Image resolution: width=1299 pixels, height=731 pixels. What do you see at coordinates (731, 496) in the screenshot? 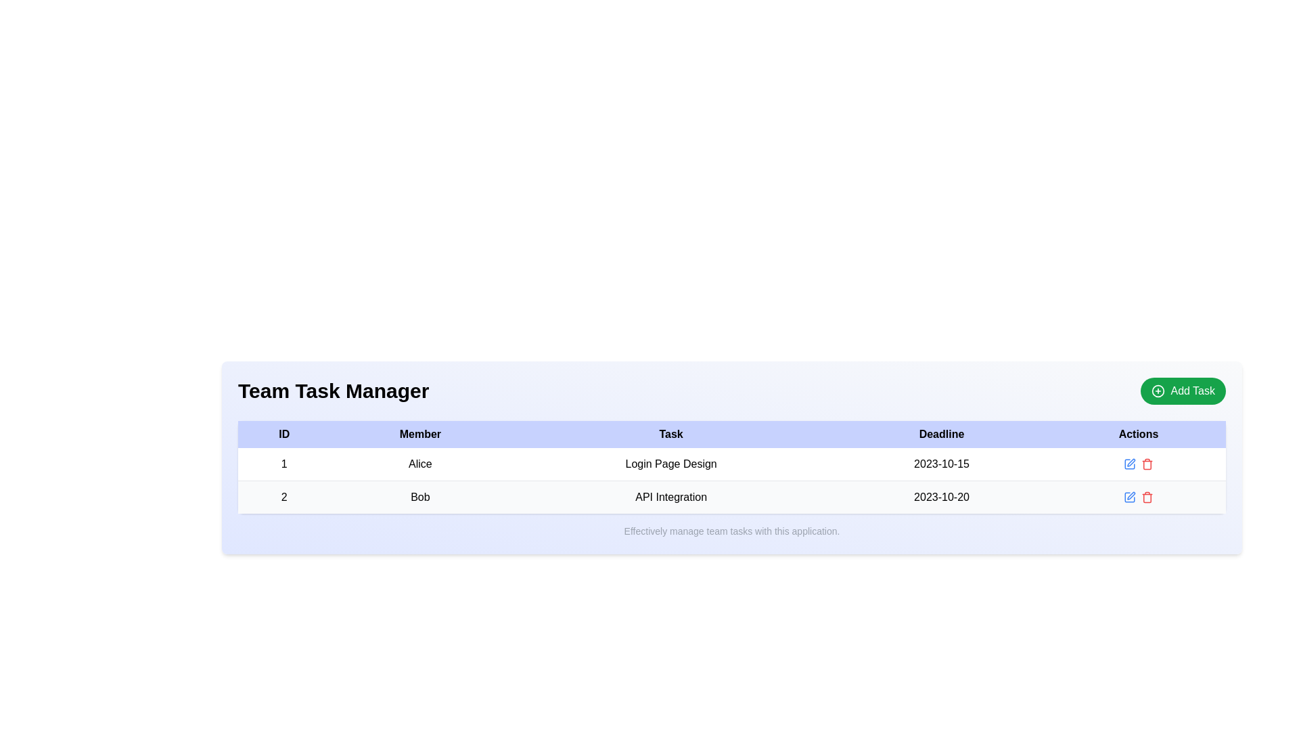
I see `the table row containing details for item ID '2', member name 'Bob', task description 'API Integration', and deadline '2023-10-20'` at bounding box center [731, 496].